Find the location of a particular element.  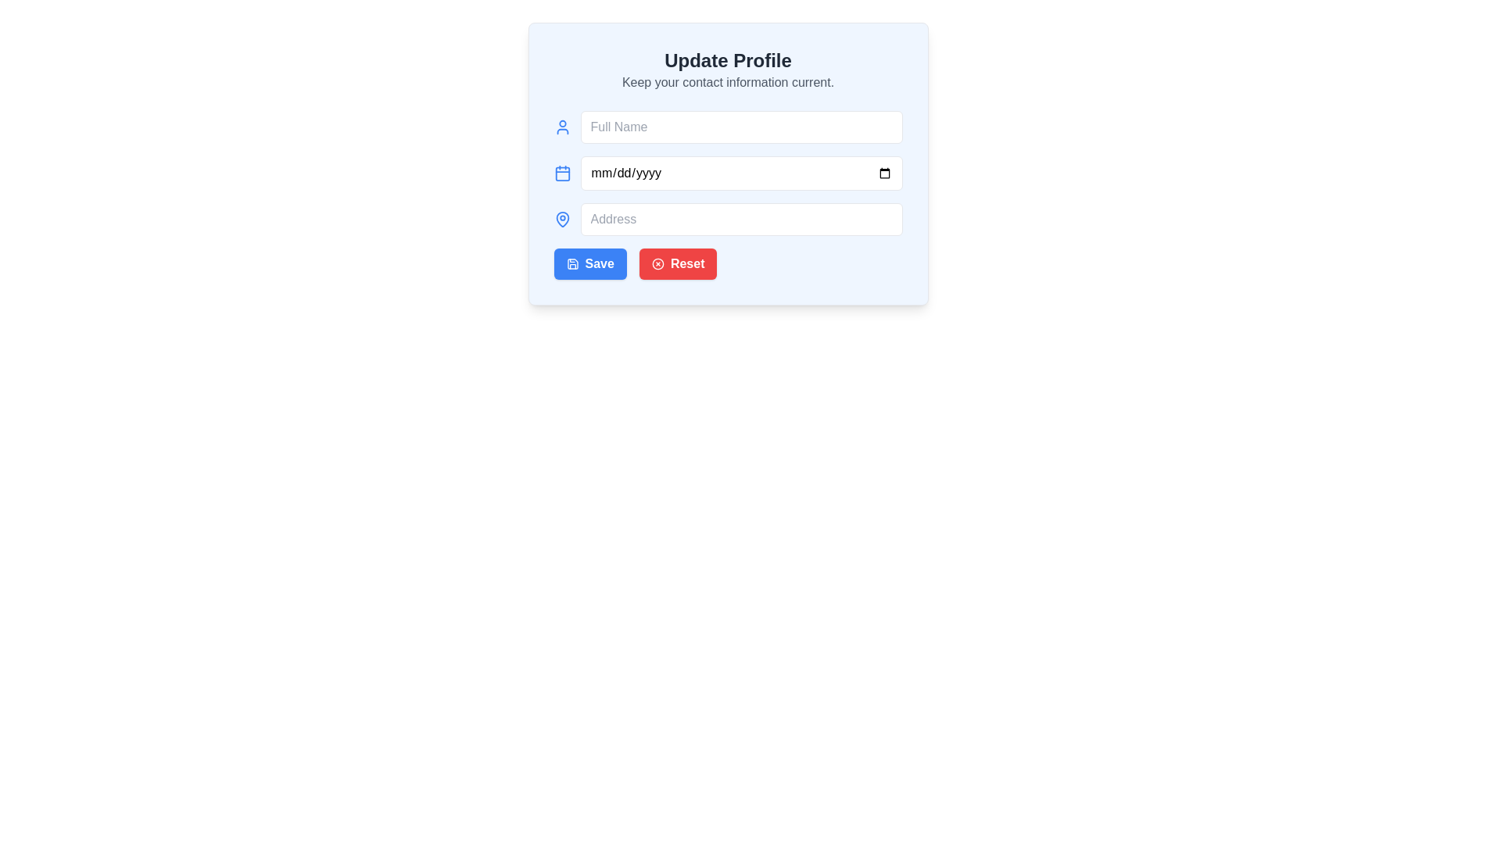

the visual context of the 'Address' icon located next to the 'Address' input field on the form is located at coordinates (562, 220).